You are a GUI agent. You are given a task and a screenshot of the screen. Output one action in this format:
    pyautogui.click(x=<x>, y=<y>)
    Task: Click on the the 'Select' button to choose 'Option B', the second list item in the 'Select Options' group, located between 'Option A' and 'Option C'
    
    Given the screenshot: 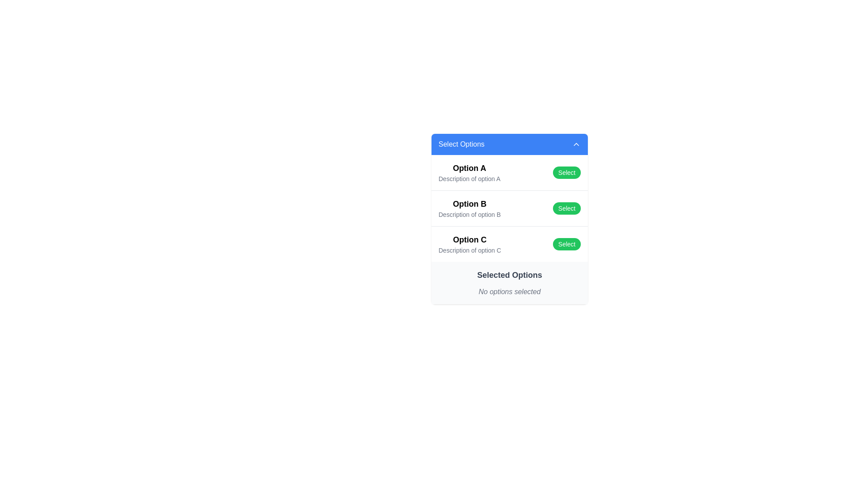 What is the action you would take?
    pyautogui.click(x=509, y=219)
    